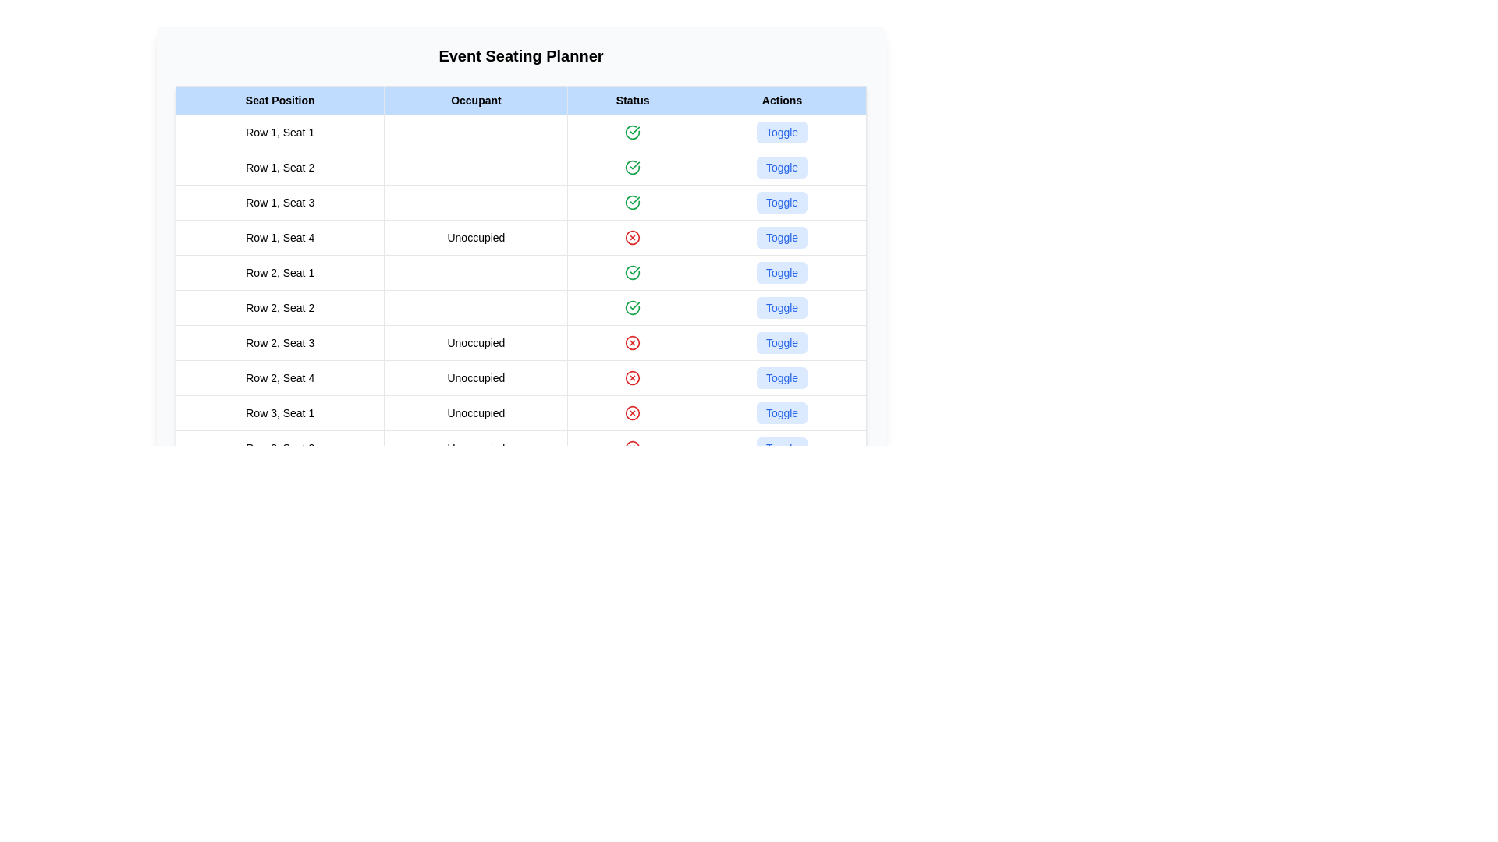  I want to click on the red circular icon with a white cross symbol in the 'Status' column of 'Row 3, Seat 1' to indicate a negative state, so click(633, 412).